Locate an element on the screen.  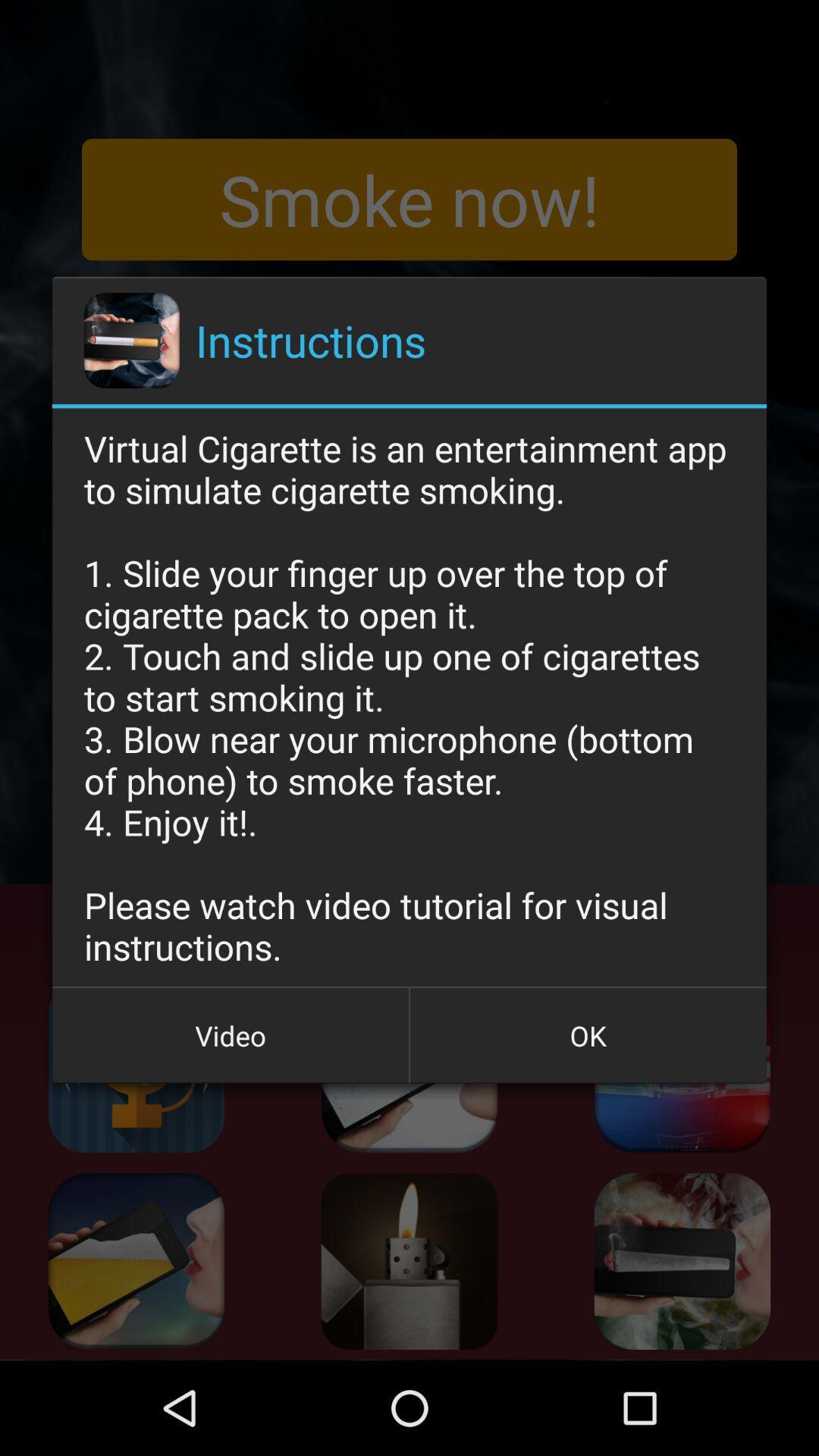
the item at the bottom left corner is located at coordinates (231, 1034).